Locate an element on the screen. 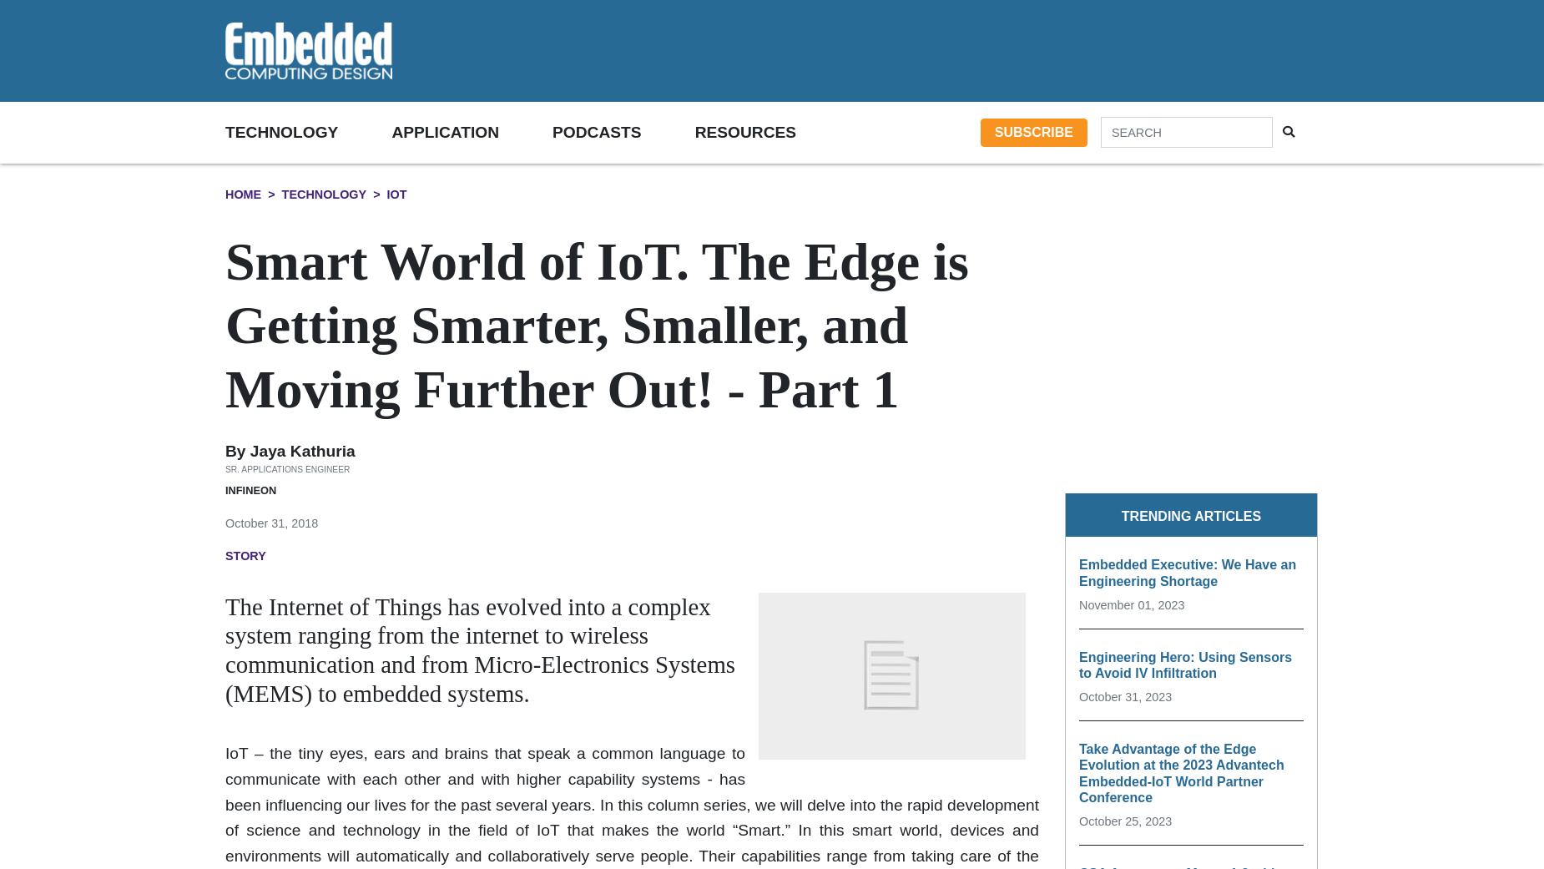  'Take Advantage of the Edge Evolution at the 2023 Advantech Embedded-IoT World Partner Conference' is located at coordinates (1077, 771).